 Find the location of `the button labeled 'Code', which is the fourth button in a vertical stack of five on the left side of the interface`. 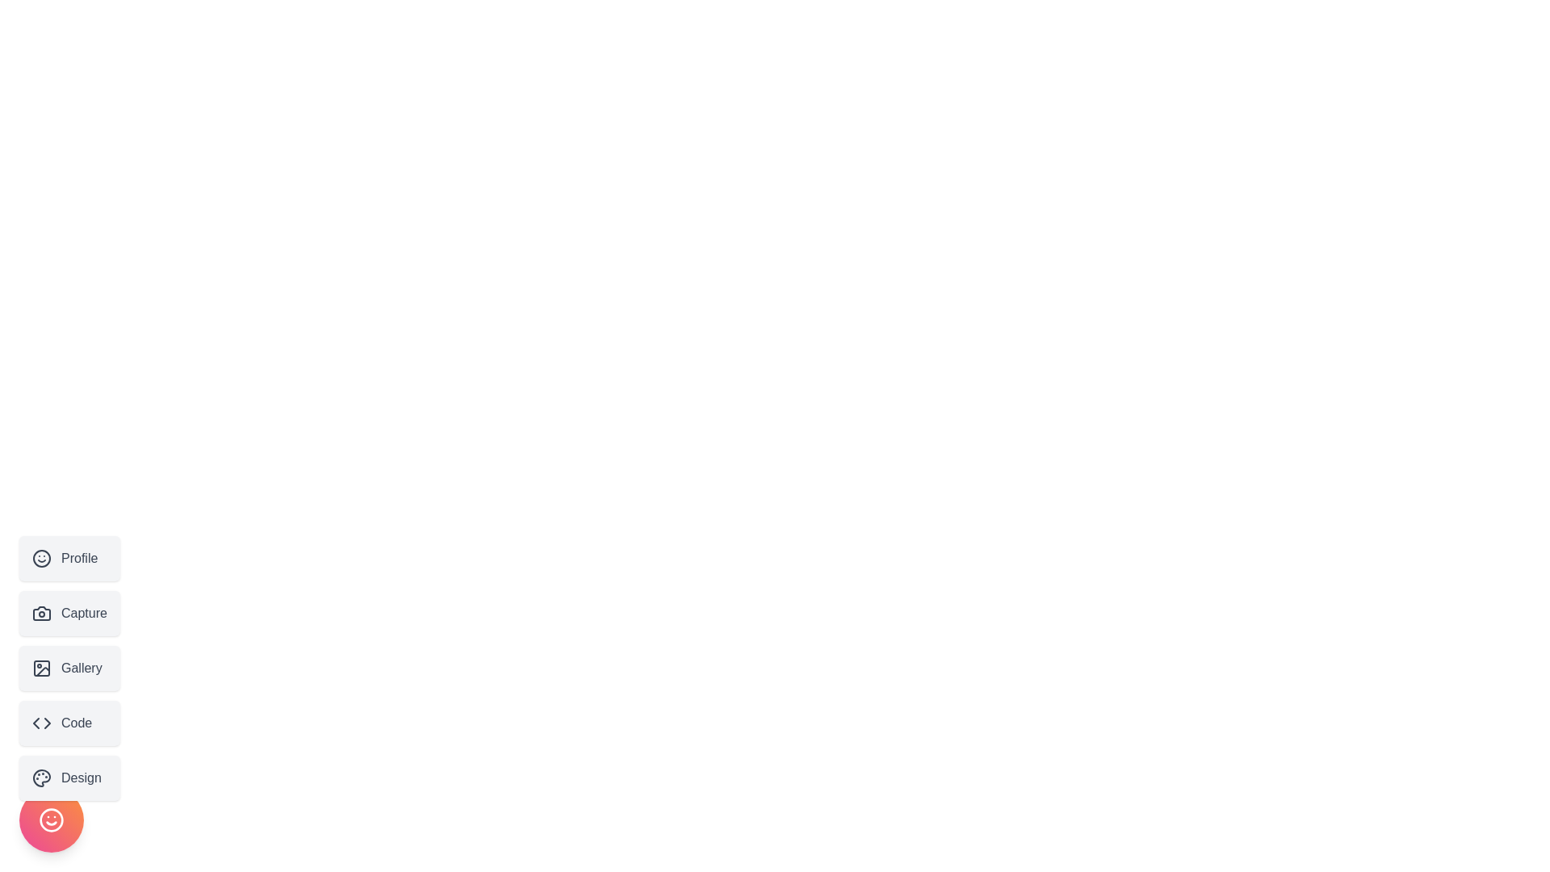

the button labeled 'Code', which is the fourth button in a vertical stack of five on the left side of the interface is located at coordinates (69, 722).